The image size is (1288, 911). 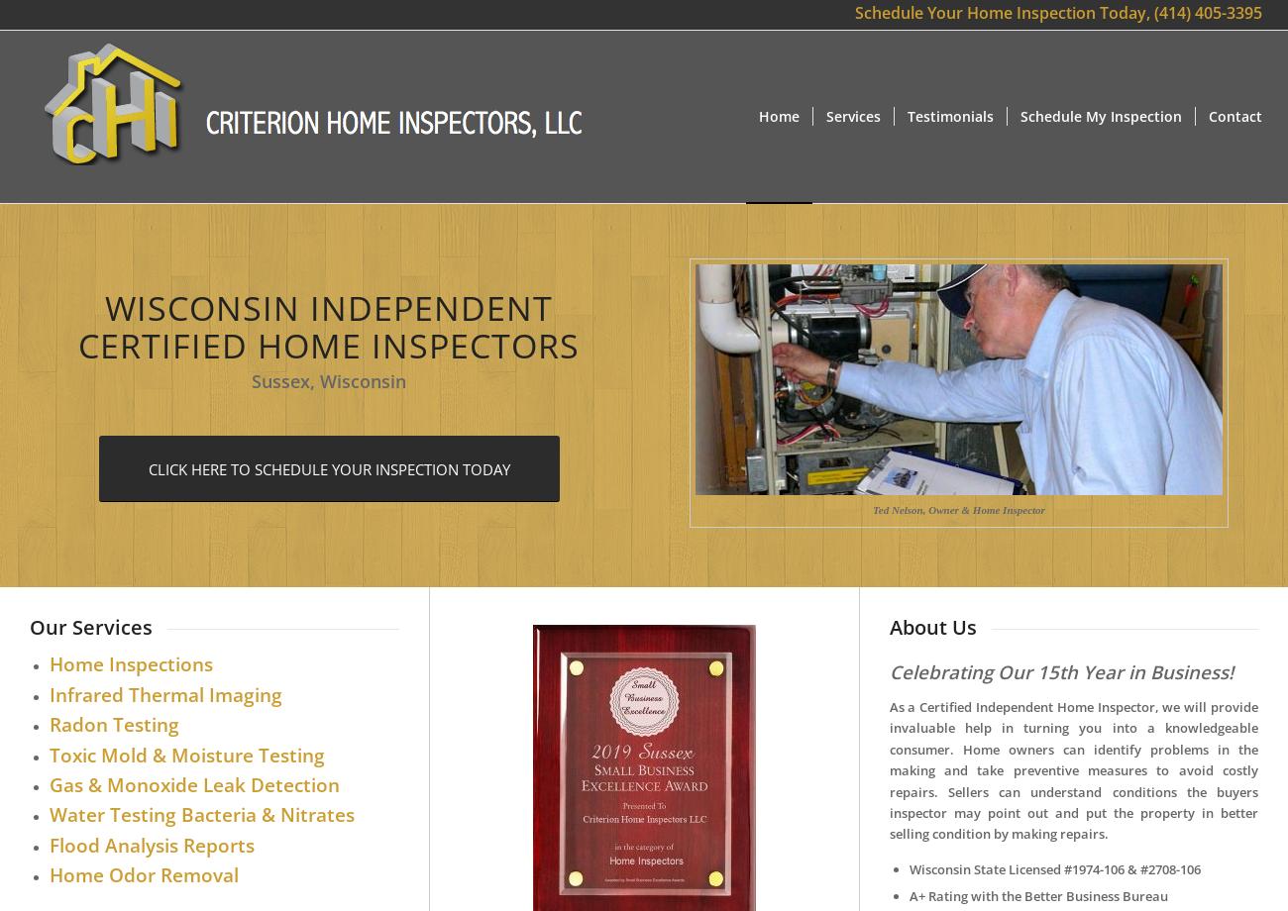 What do you see at coordinates (151, 843) in the screenshot?
I see `'Flood Analysis Reports'` at bounding box center [151, 843].